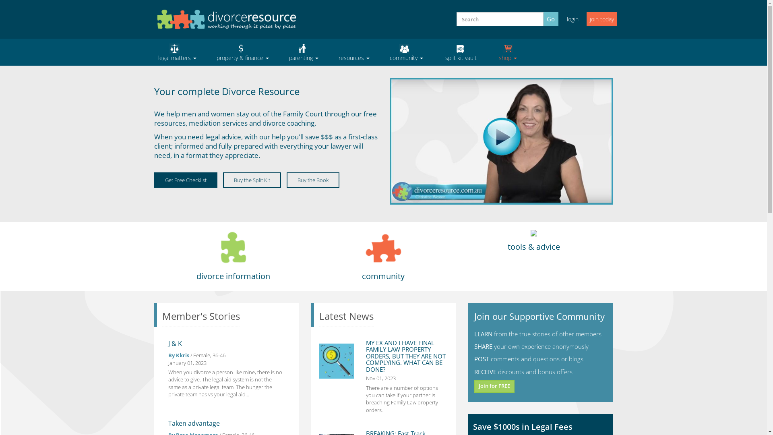  Describe the element at coordinates (378, 52) in the screenshot. I see `'community'` at that location.